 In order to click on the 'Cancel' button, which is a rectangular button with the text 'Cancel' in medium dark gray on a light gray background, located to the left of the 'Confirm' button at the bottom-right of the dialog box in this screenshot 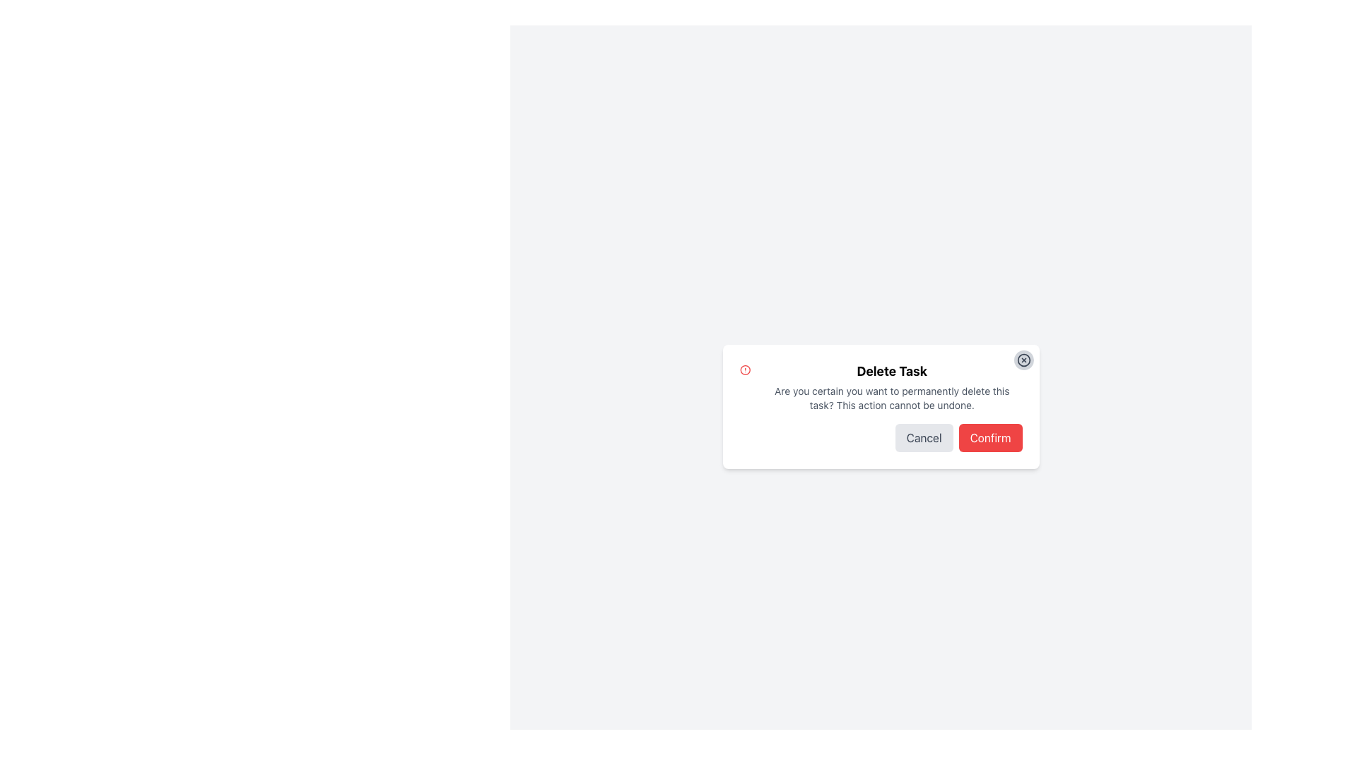, I will do `click(924, 437)`.